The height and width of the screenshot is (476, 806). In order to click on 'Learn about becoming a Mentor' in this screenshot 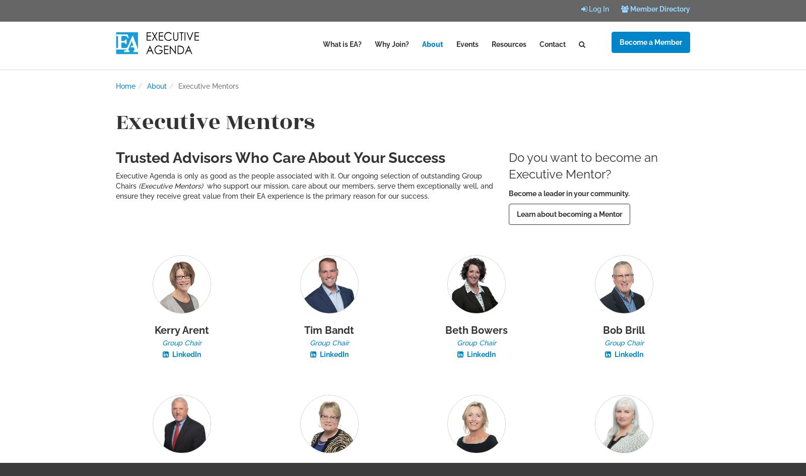, I will do `click(569, 213)`.